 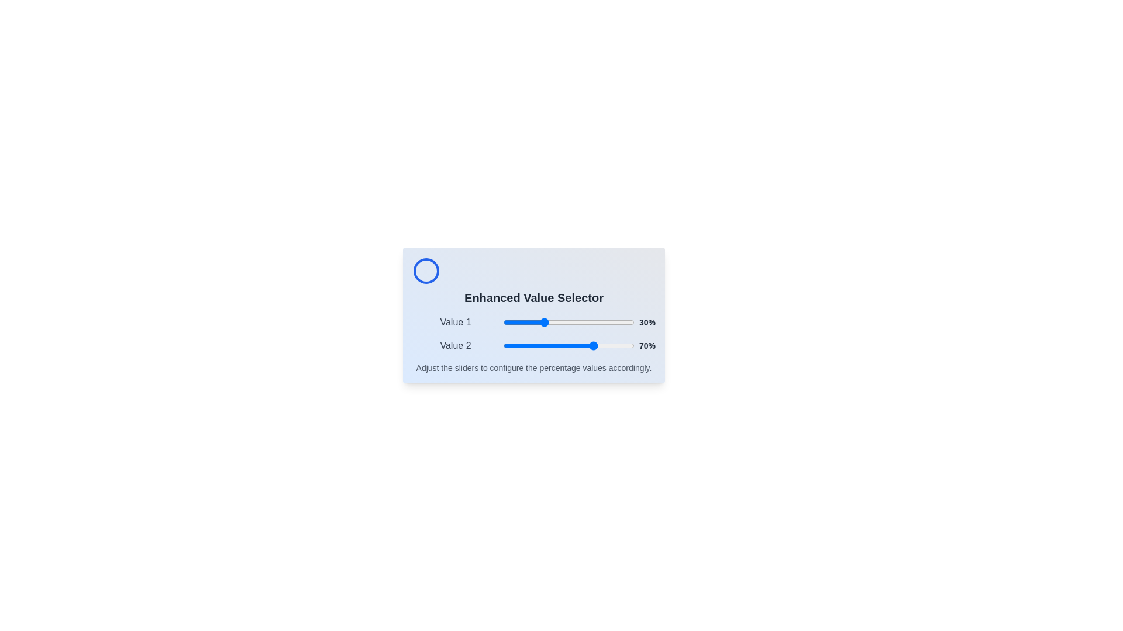 I want to click on the slider for Value 1 to 31%, so click(x=543, y=322).